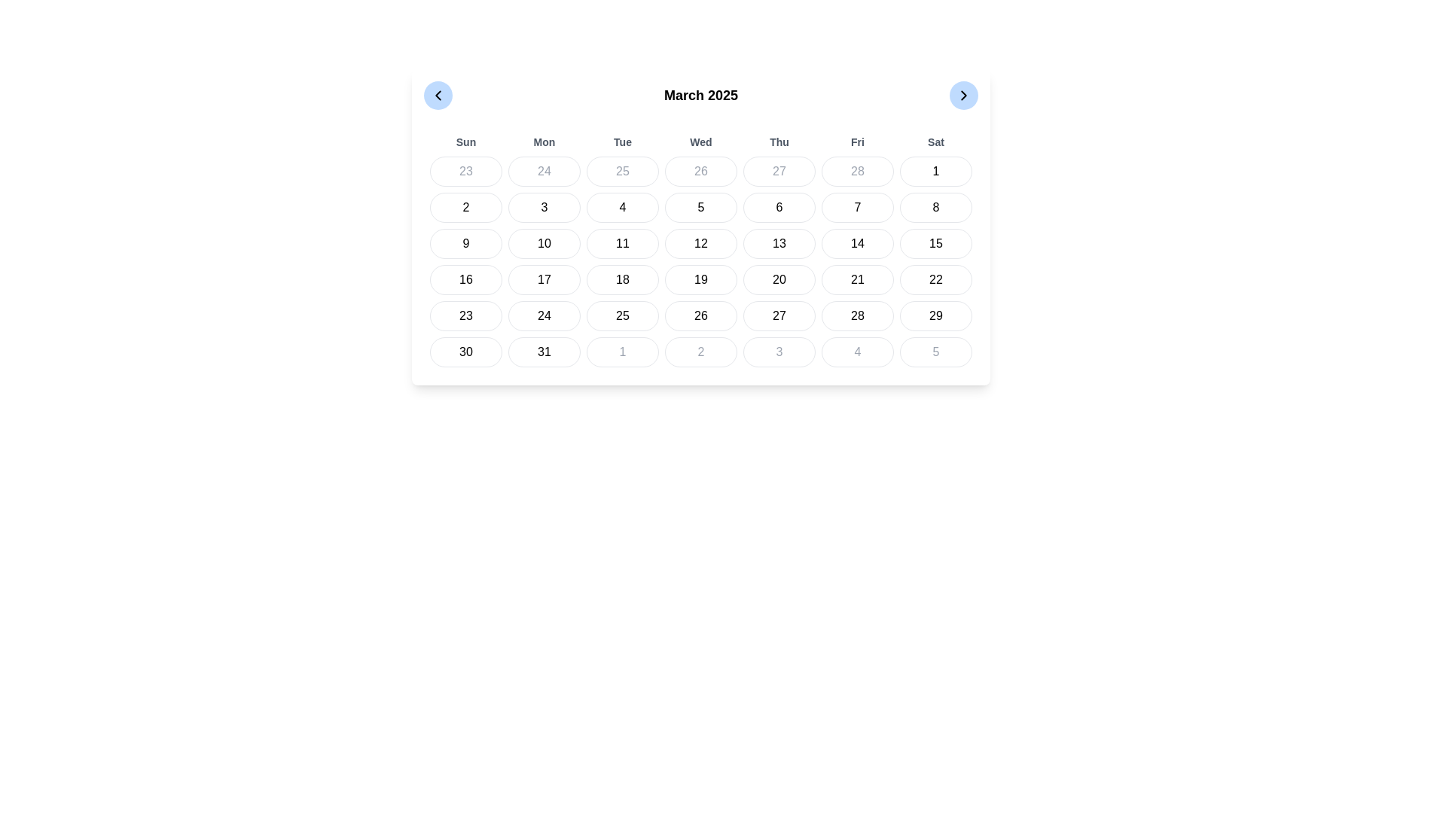 The width and height of the screenshot is (1446, 813). What do you see at coordinates (700, 315) in the screenshot?
I see `the Day selection button representing the number '26' in a circular shape located in the fourth column of the fifth row of the calendar grid` at bounding box center [700, 315].